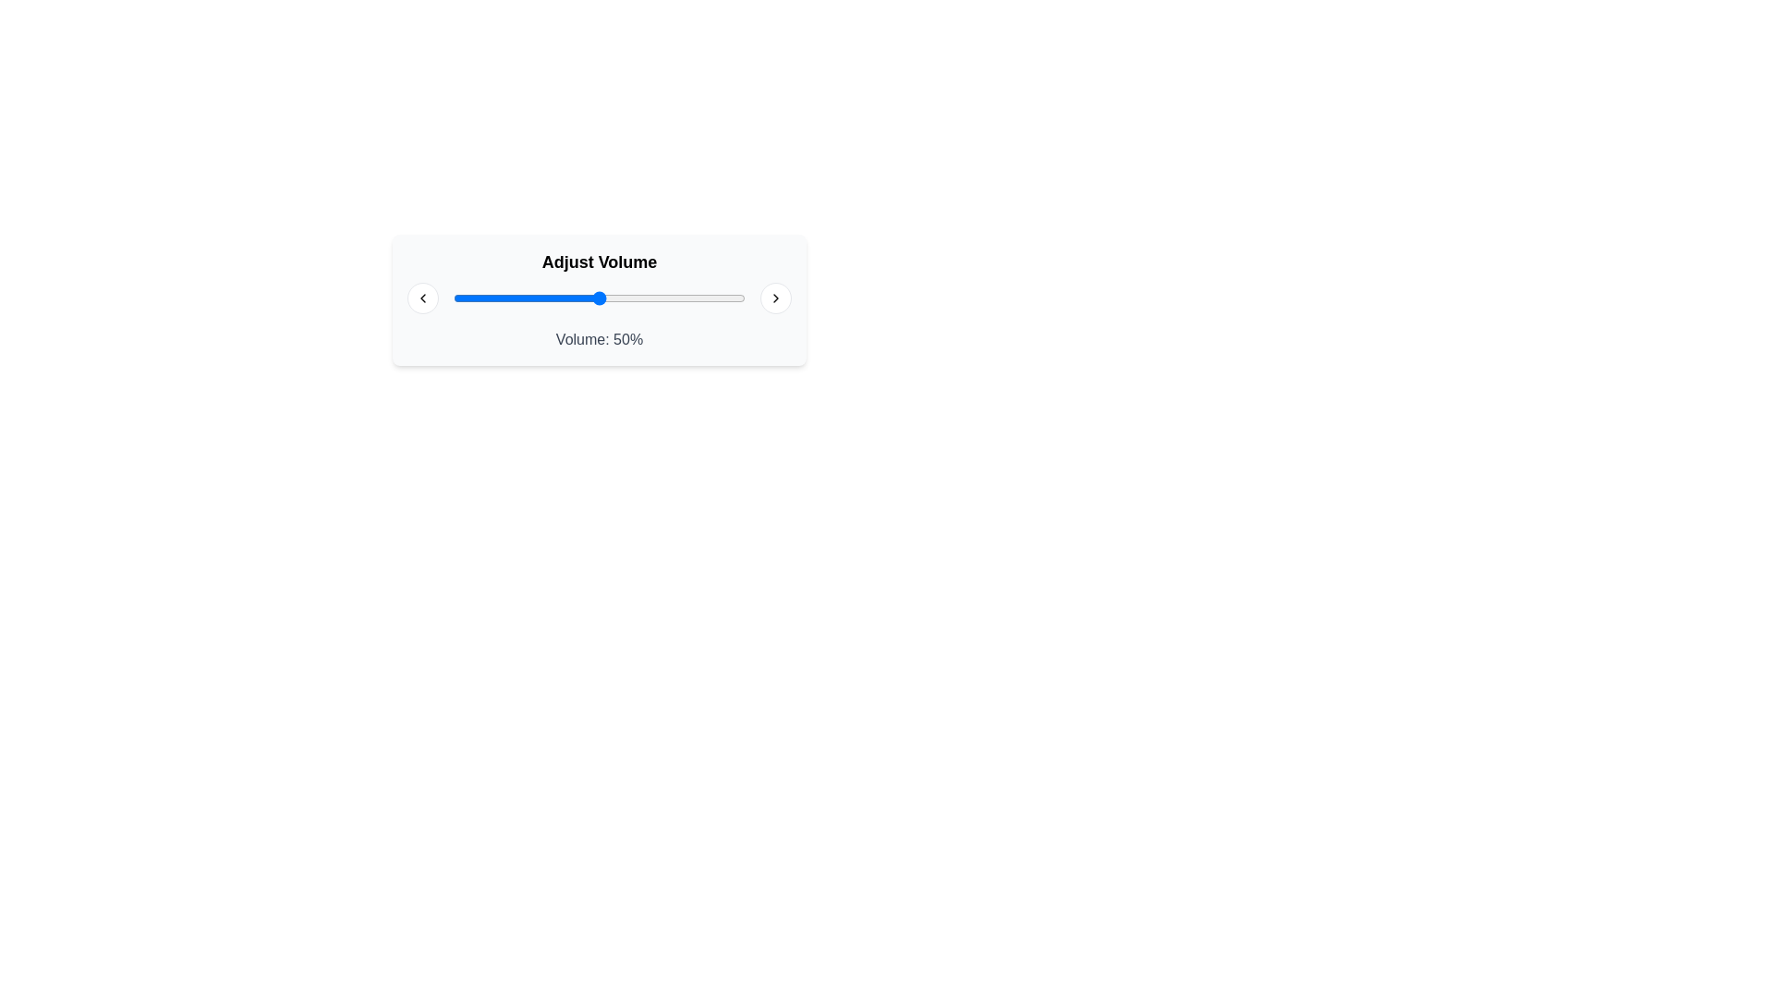 The image size is (1774, 998). Describe the element at coordinates (421, 298) in the screenshot. I see `the circular button with a white background and gray border, which contains a left-pointing chevron icon, located at the far left of the horizontal control interface` at that location.